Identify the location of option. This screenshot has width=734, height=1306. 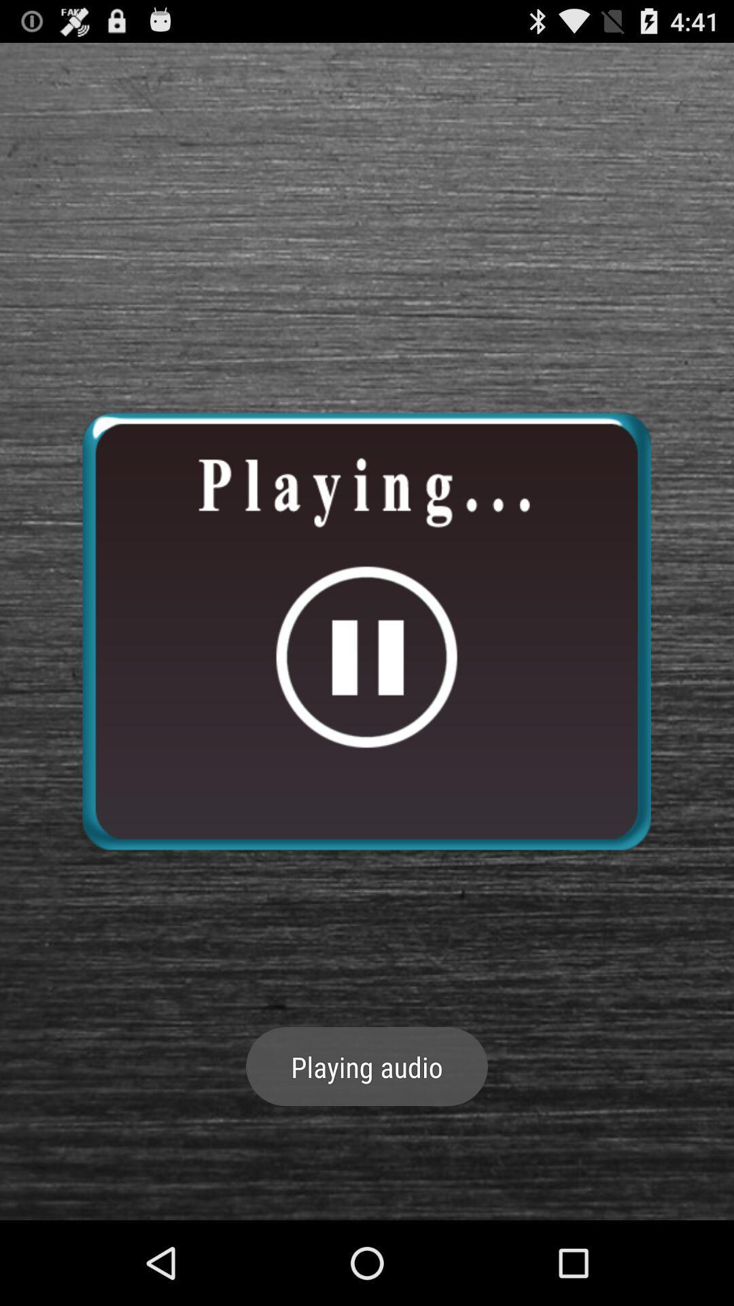
(366, 631).